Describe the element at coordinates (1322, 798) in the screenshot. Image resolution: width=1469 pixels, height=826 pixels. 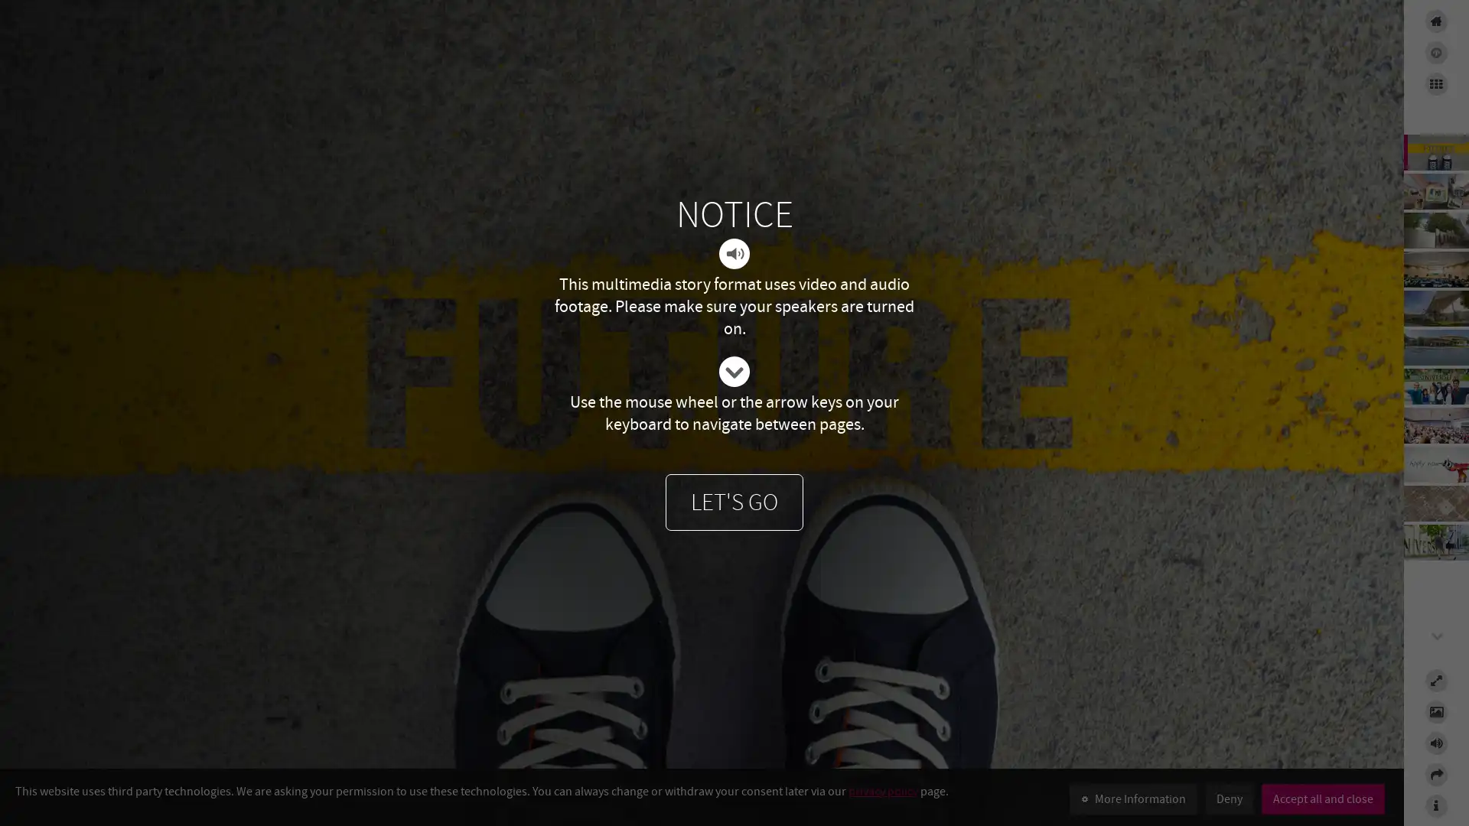
I see `Accept all and close` at that location.